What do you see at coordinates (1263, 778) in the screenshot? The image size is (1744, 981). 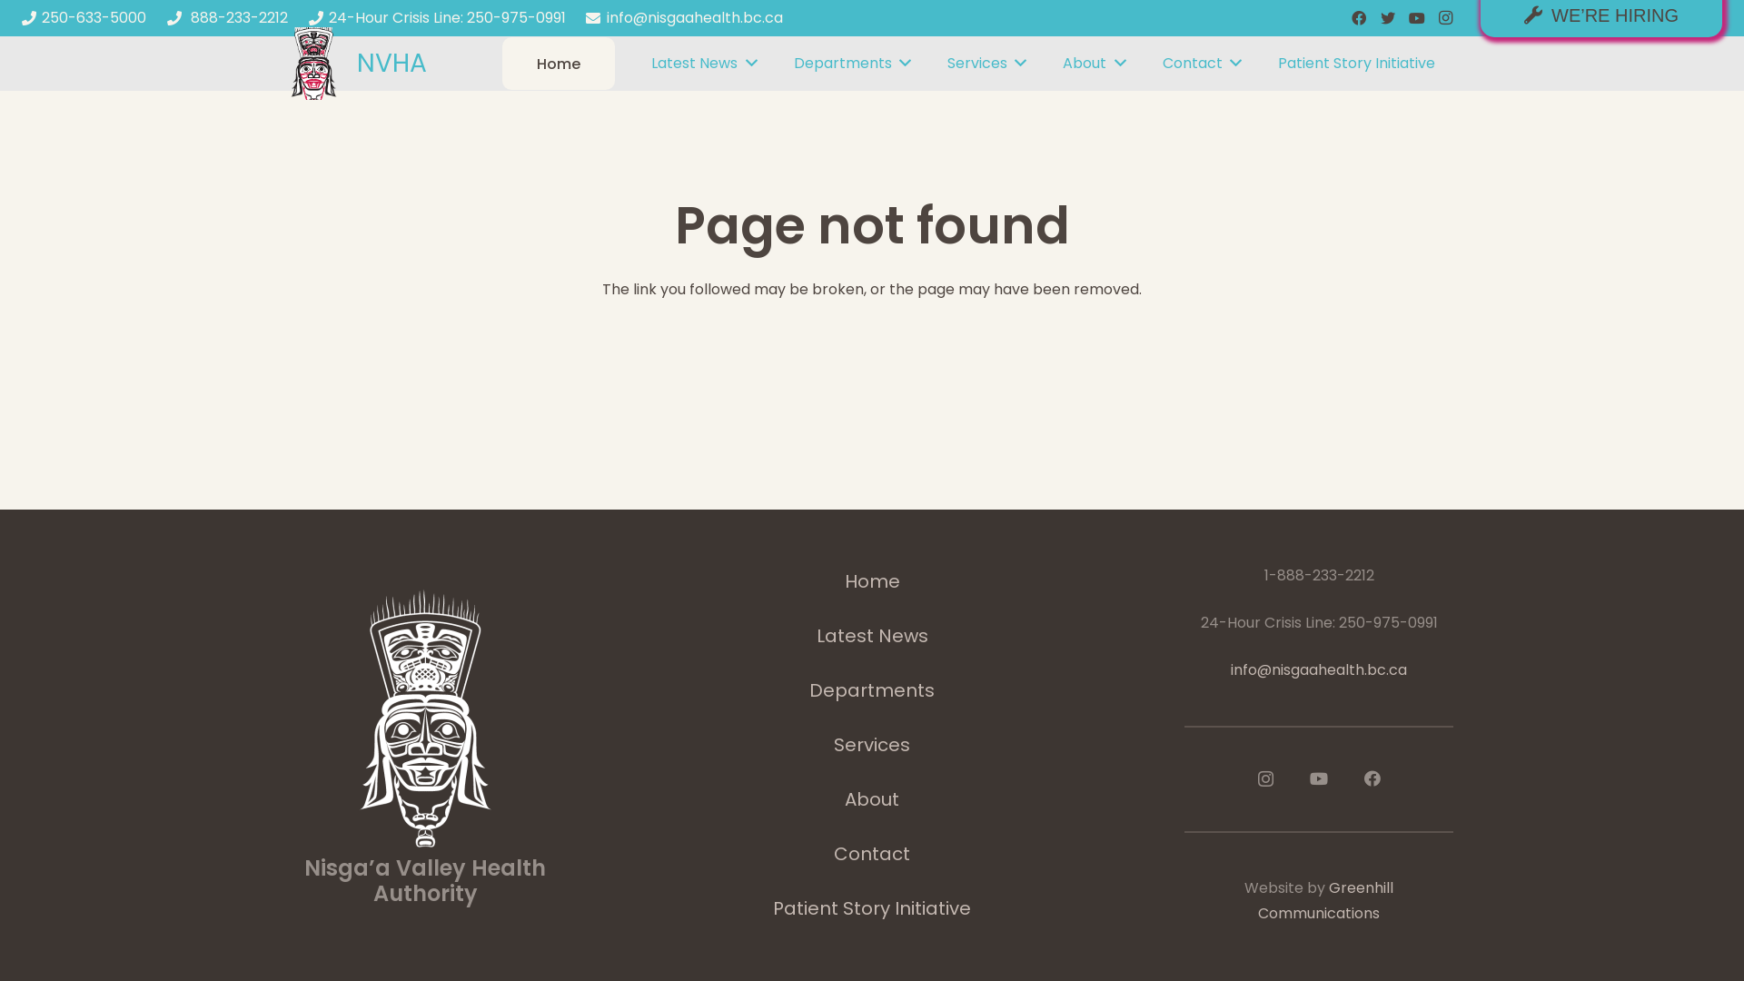 I see `'Instagram'` at bounding box center [1263, 778].